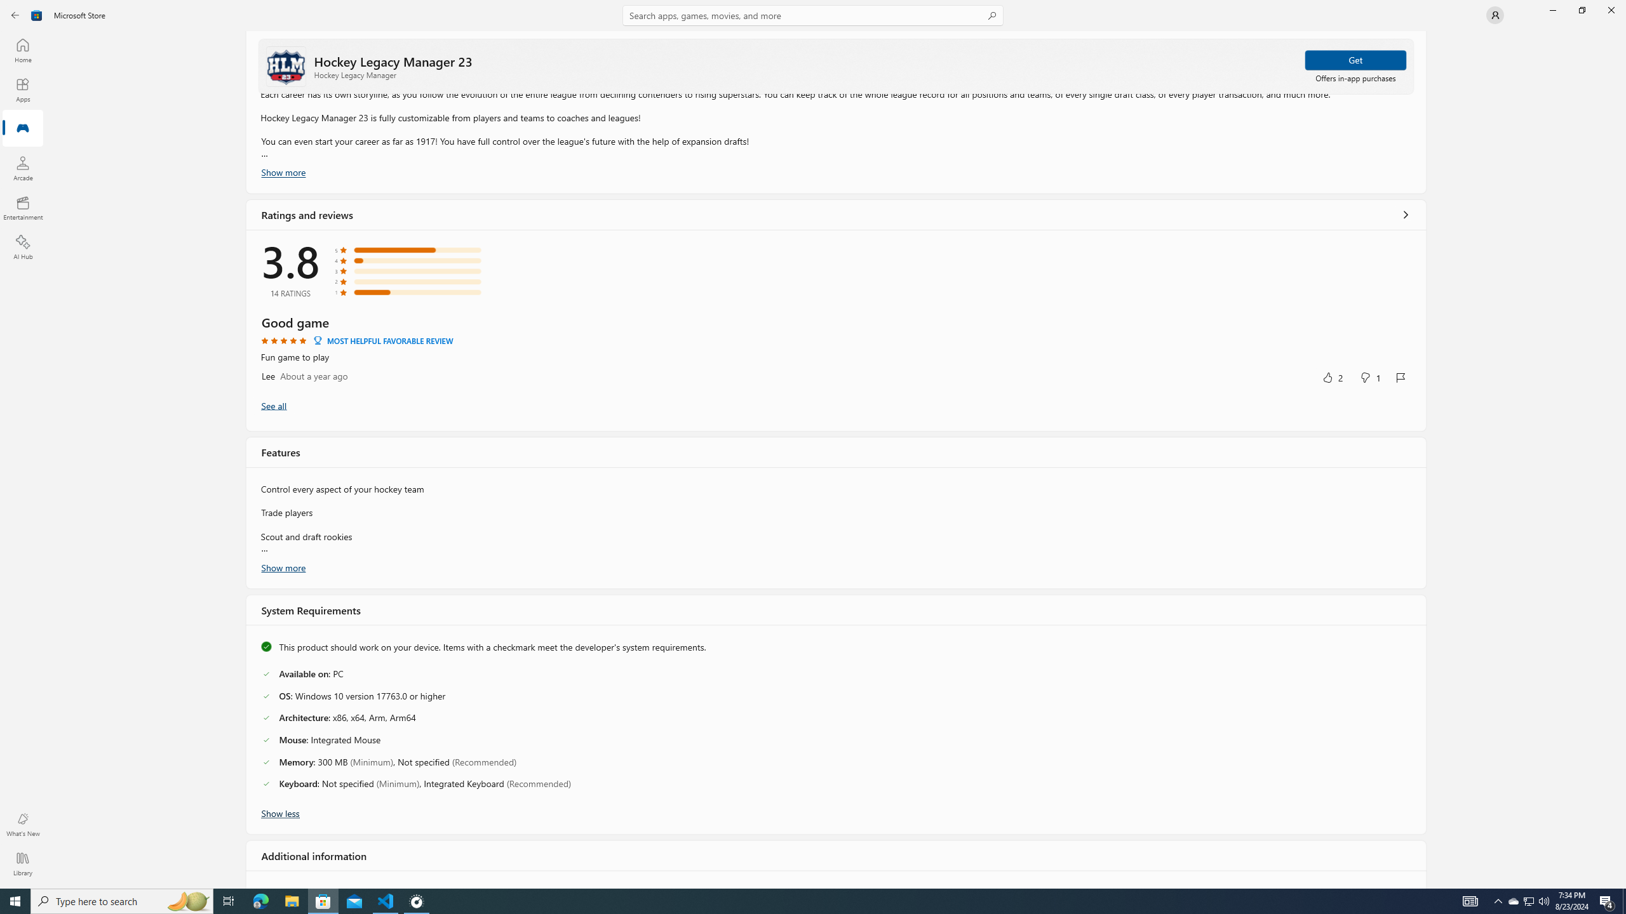  What do you see at coordinates (813, 15) in the screenshot?
I see `'Search'` at bounding box center [813, 15].